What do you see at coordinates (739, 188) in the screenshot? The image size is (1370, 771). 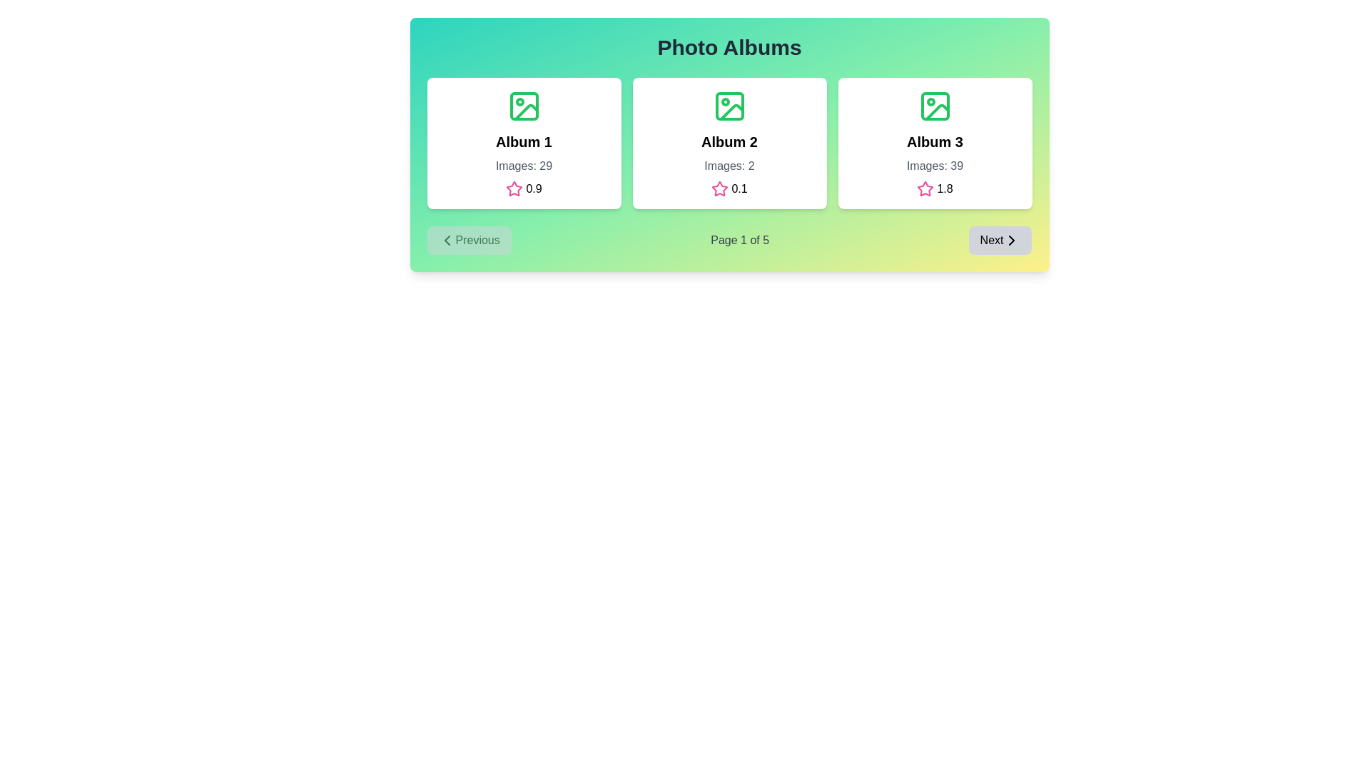 I see `the text label displaying the number '0.1', which is located below the 'Album 2' card and adjacent to a pink-outlined star icon in the rating system` at bounding box center [739, 188].